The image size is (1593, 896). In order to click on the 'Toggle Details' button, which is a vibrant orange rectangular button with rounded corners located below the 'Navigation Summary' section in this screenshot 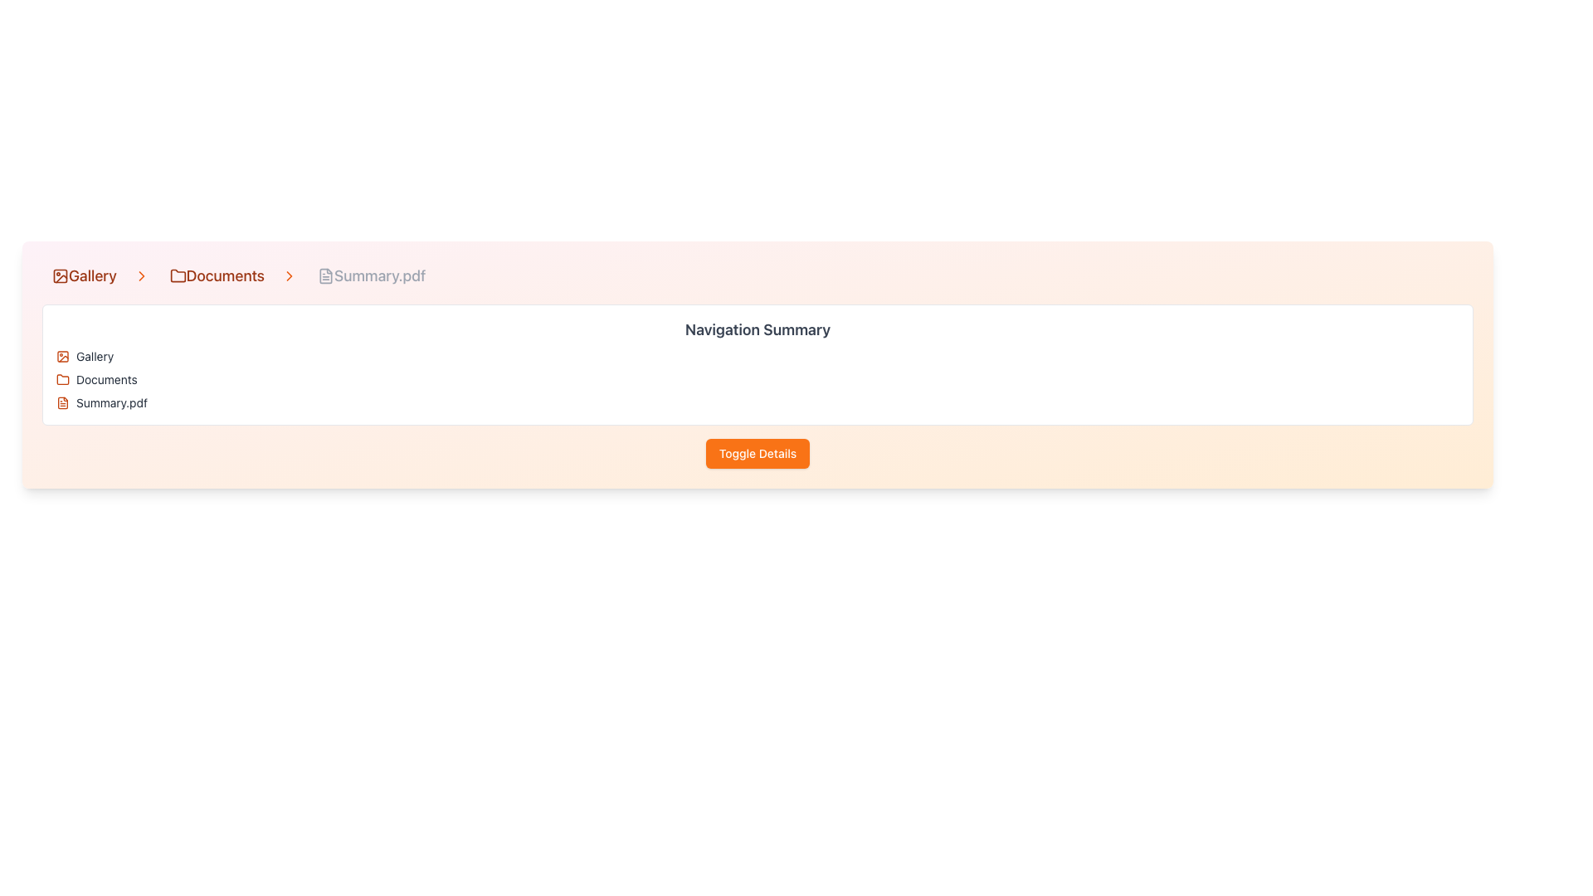, I will do `click(757, 454)`.